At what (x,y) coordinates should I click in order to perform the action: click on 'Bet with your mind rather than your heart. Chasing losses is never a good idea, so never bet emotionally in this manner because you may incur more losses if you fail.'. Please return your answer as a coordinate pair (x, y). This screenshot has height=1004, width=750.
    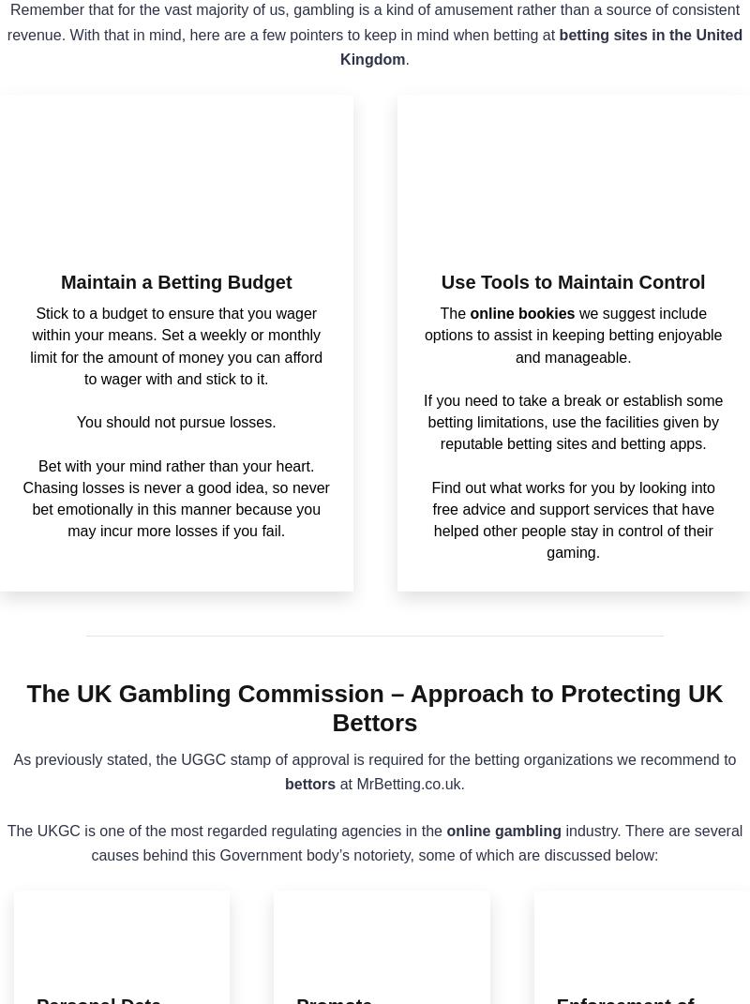
    Looking at the image, I should click on (174, 497).